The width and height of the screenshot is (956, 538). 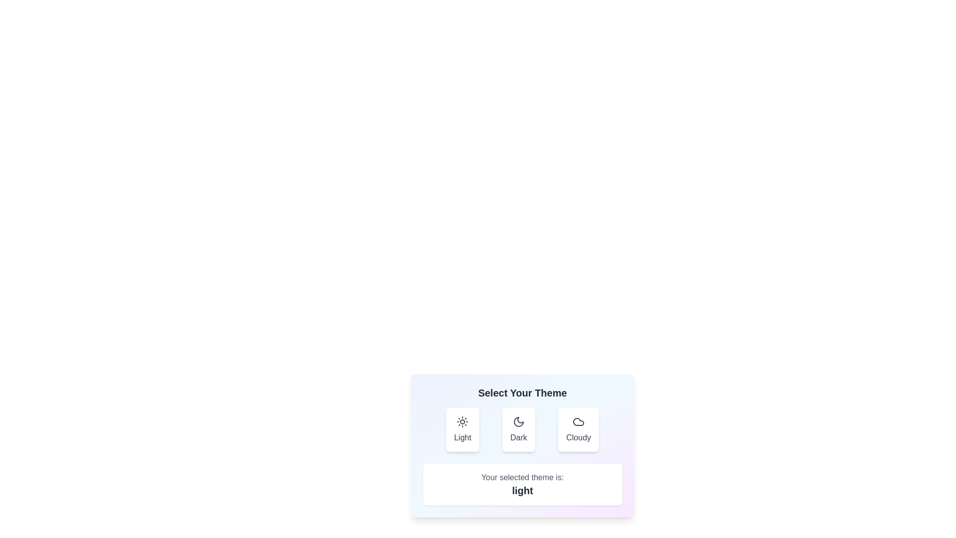 I want to click on the second selectable option labeled 'Dark' in the Interactive theme selection panel, so click(x=522, y=445).